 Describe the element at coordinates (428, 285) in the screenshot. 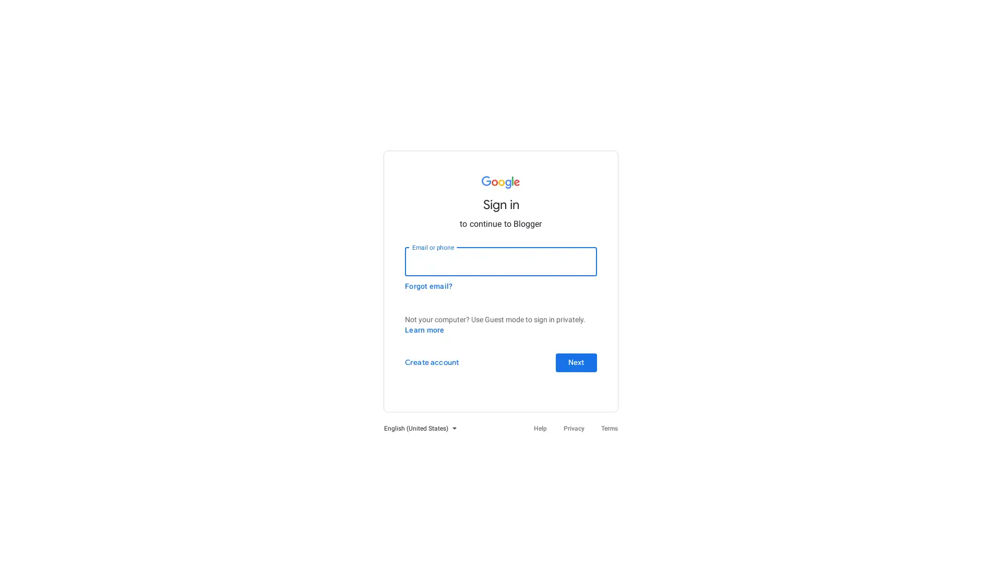

I see `Forgot email?` at that location.